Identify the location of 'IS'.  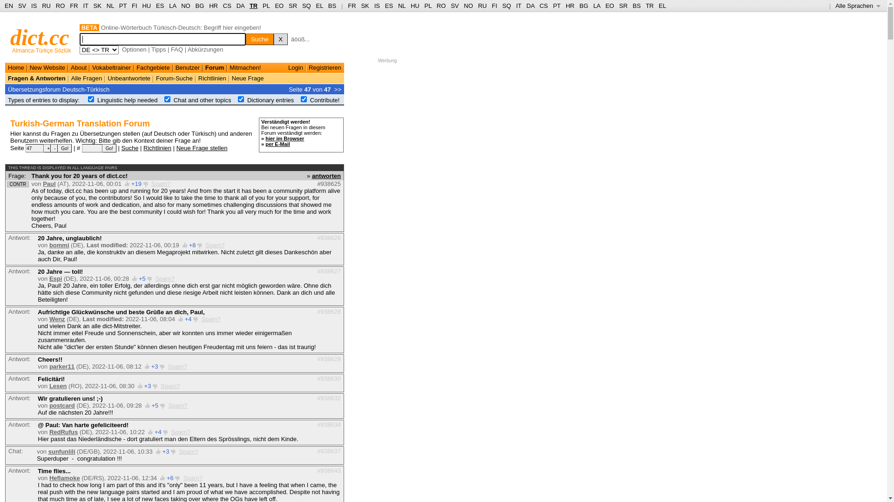
(377, 6).